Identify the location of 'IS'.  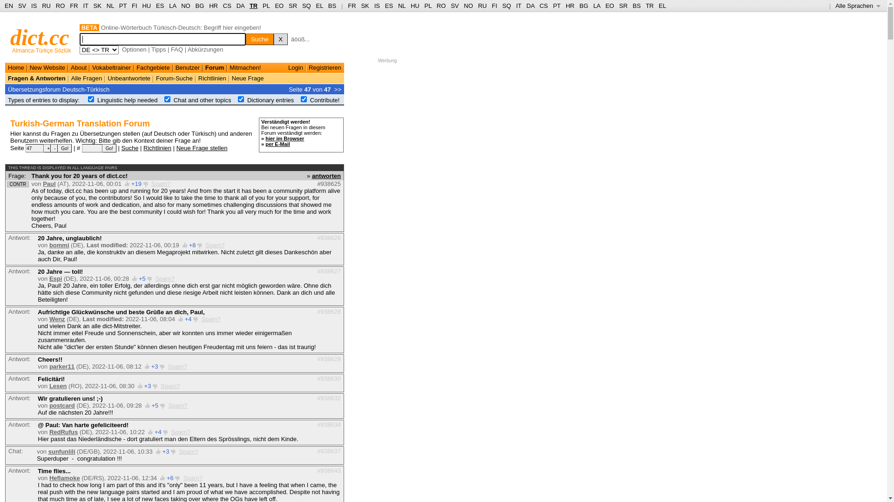
(377, 6).